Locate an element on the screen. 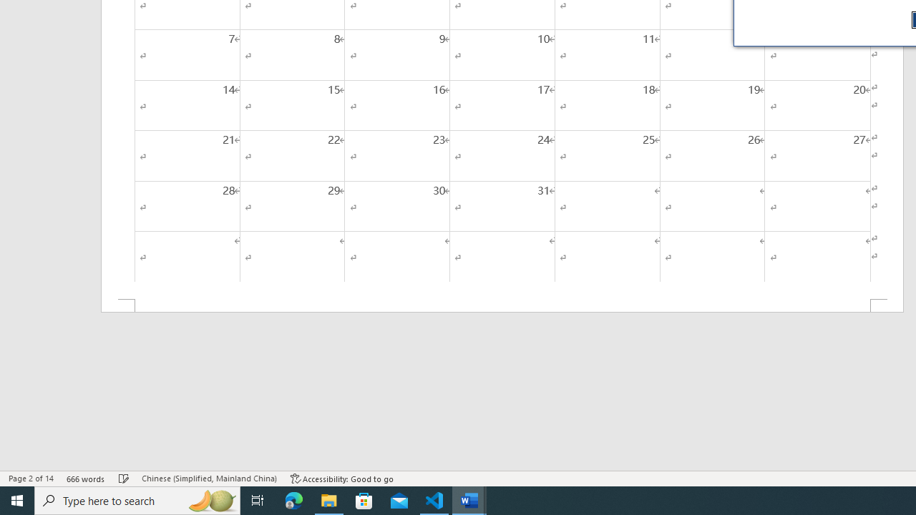  'Spelling and Grammar Check Checking' is located at coordinates (124, 479).